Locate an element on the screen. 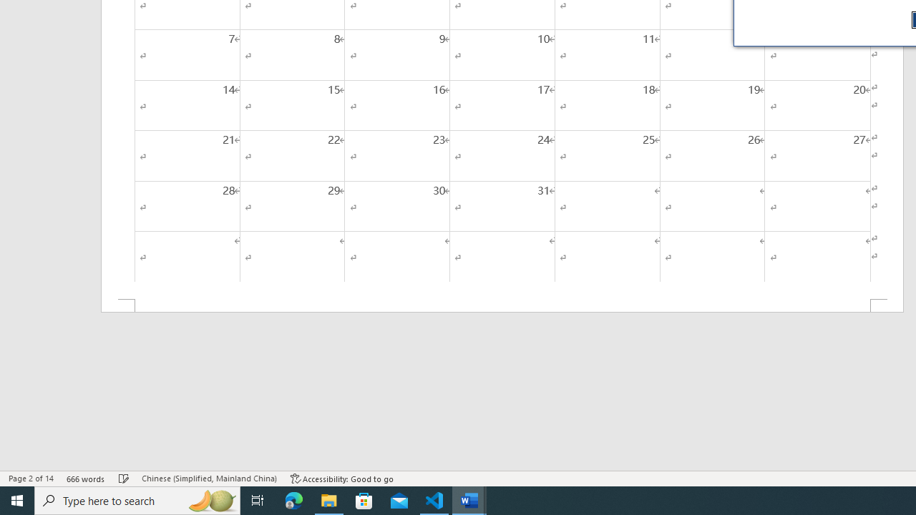  'Spelling and Grammar Check Checking' is located at coordinates (124, 479).